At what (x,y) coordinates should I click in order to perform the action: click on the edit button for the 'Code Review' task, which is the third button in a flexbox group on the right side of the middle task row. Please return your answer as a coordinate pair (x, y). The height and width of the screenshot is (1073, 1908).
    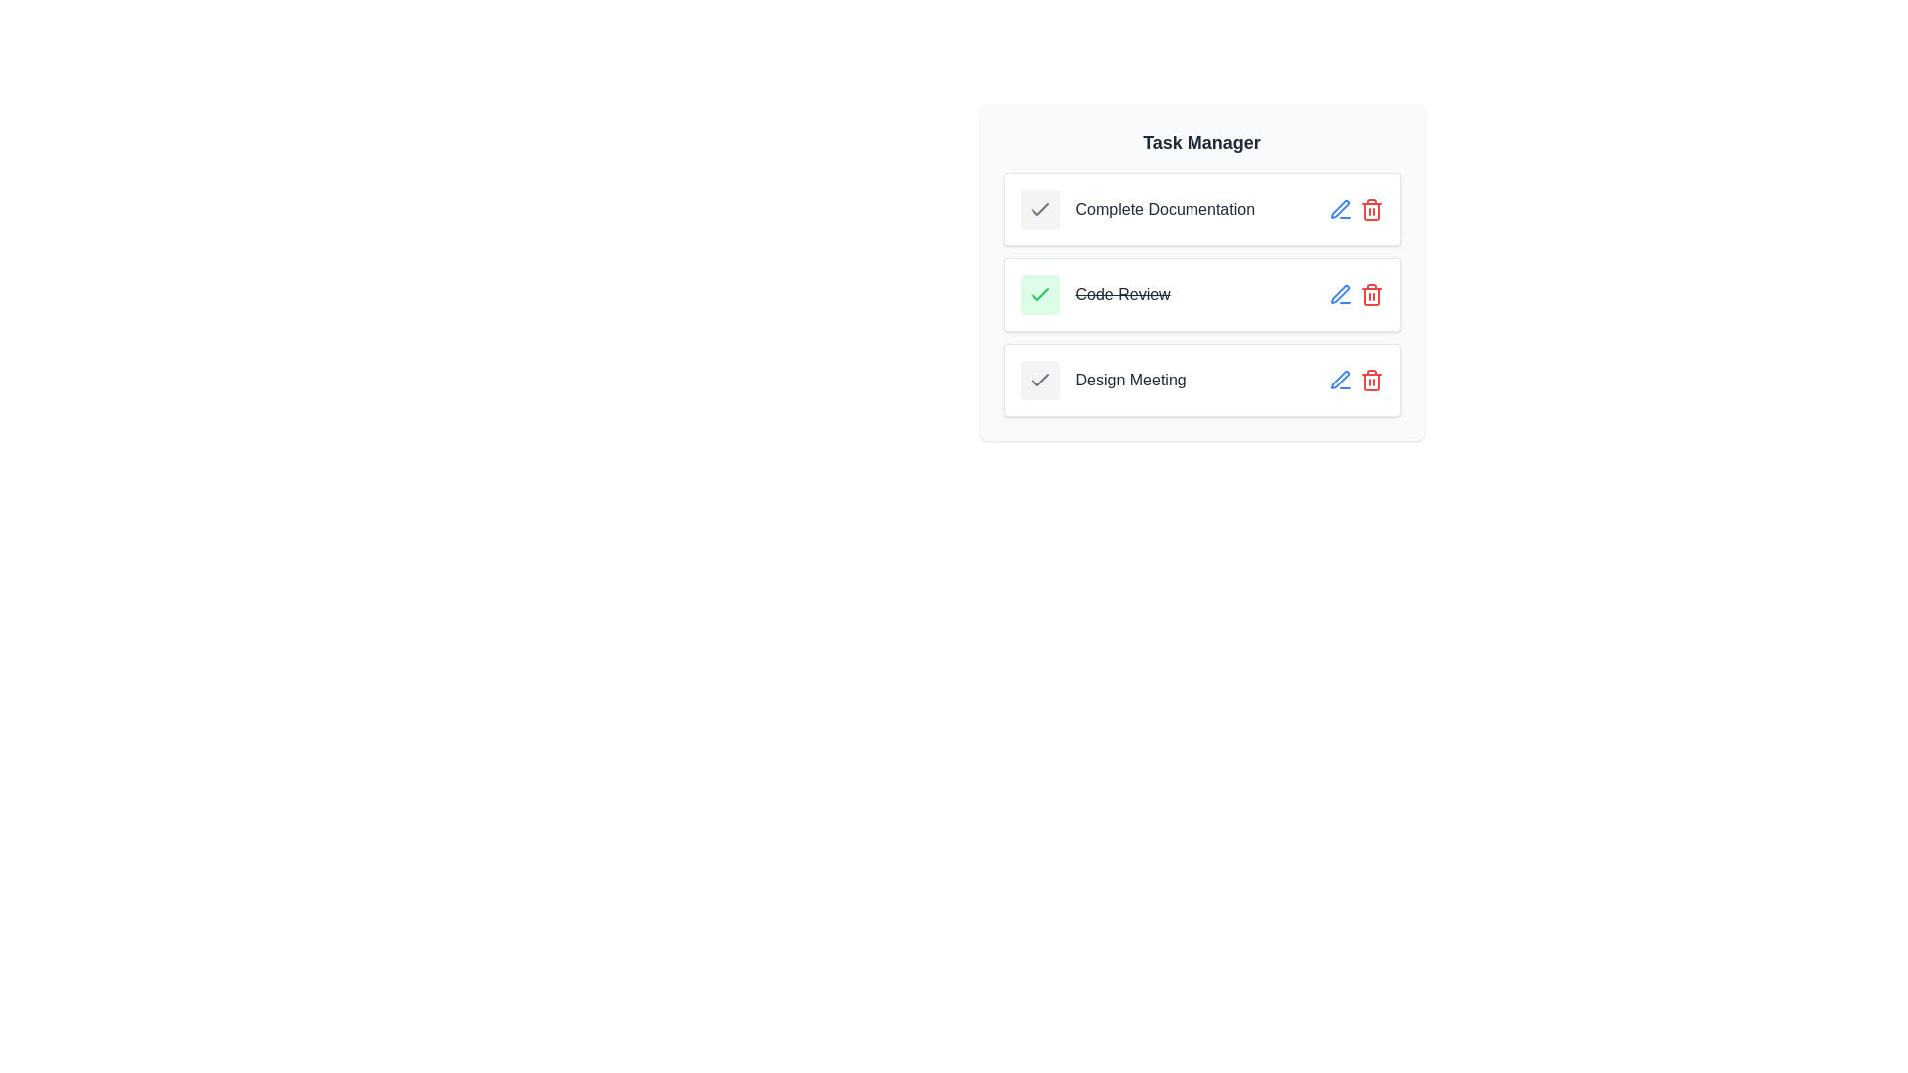
    Looking at the image, I should click on (1340, 295).